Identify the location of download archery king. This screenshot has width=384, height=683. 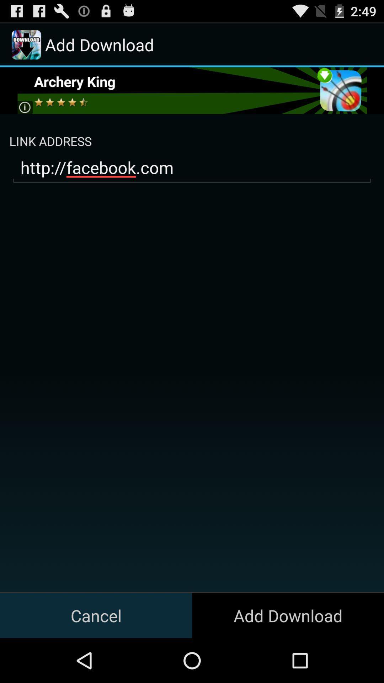
(191, 90).